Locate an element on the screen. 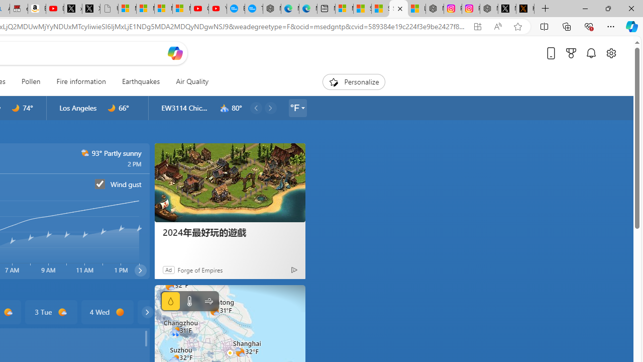  'Earthquakes' is located at coordinates (140, 81).